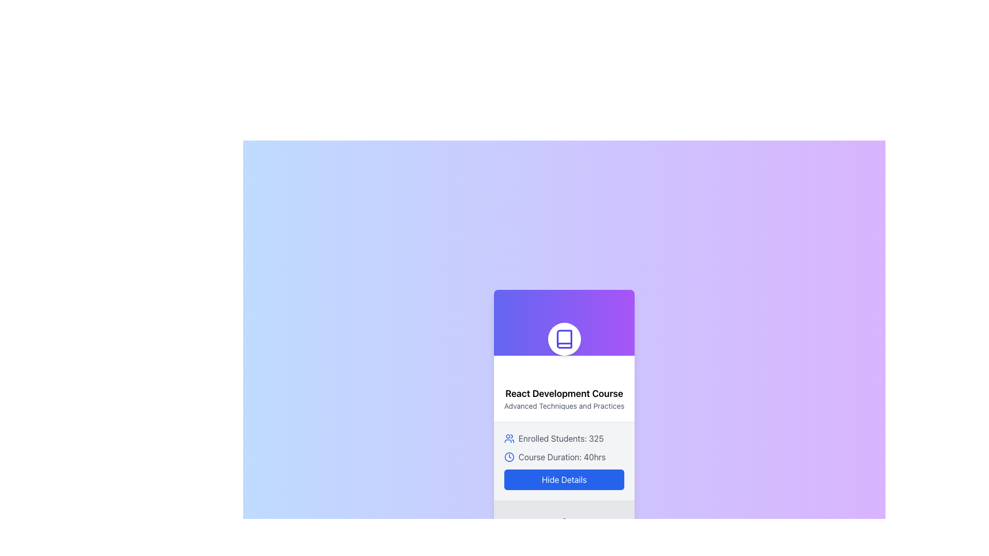 The image size is (989, 556). What do you see at coordinates (564, 393) in the screenshot?
I see `the Text label displaying 'React Development Course' in a large, bold font at the top of the card layout` at bounding box center [564, 393].